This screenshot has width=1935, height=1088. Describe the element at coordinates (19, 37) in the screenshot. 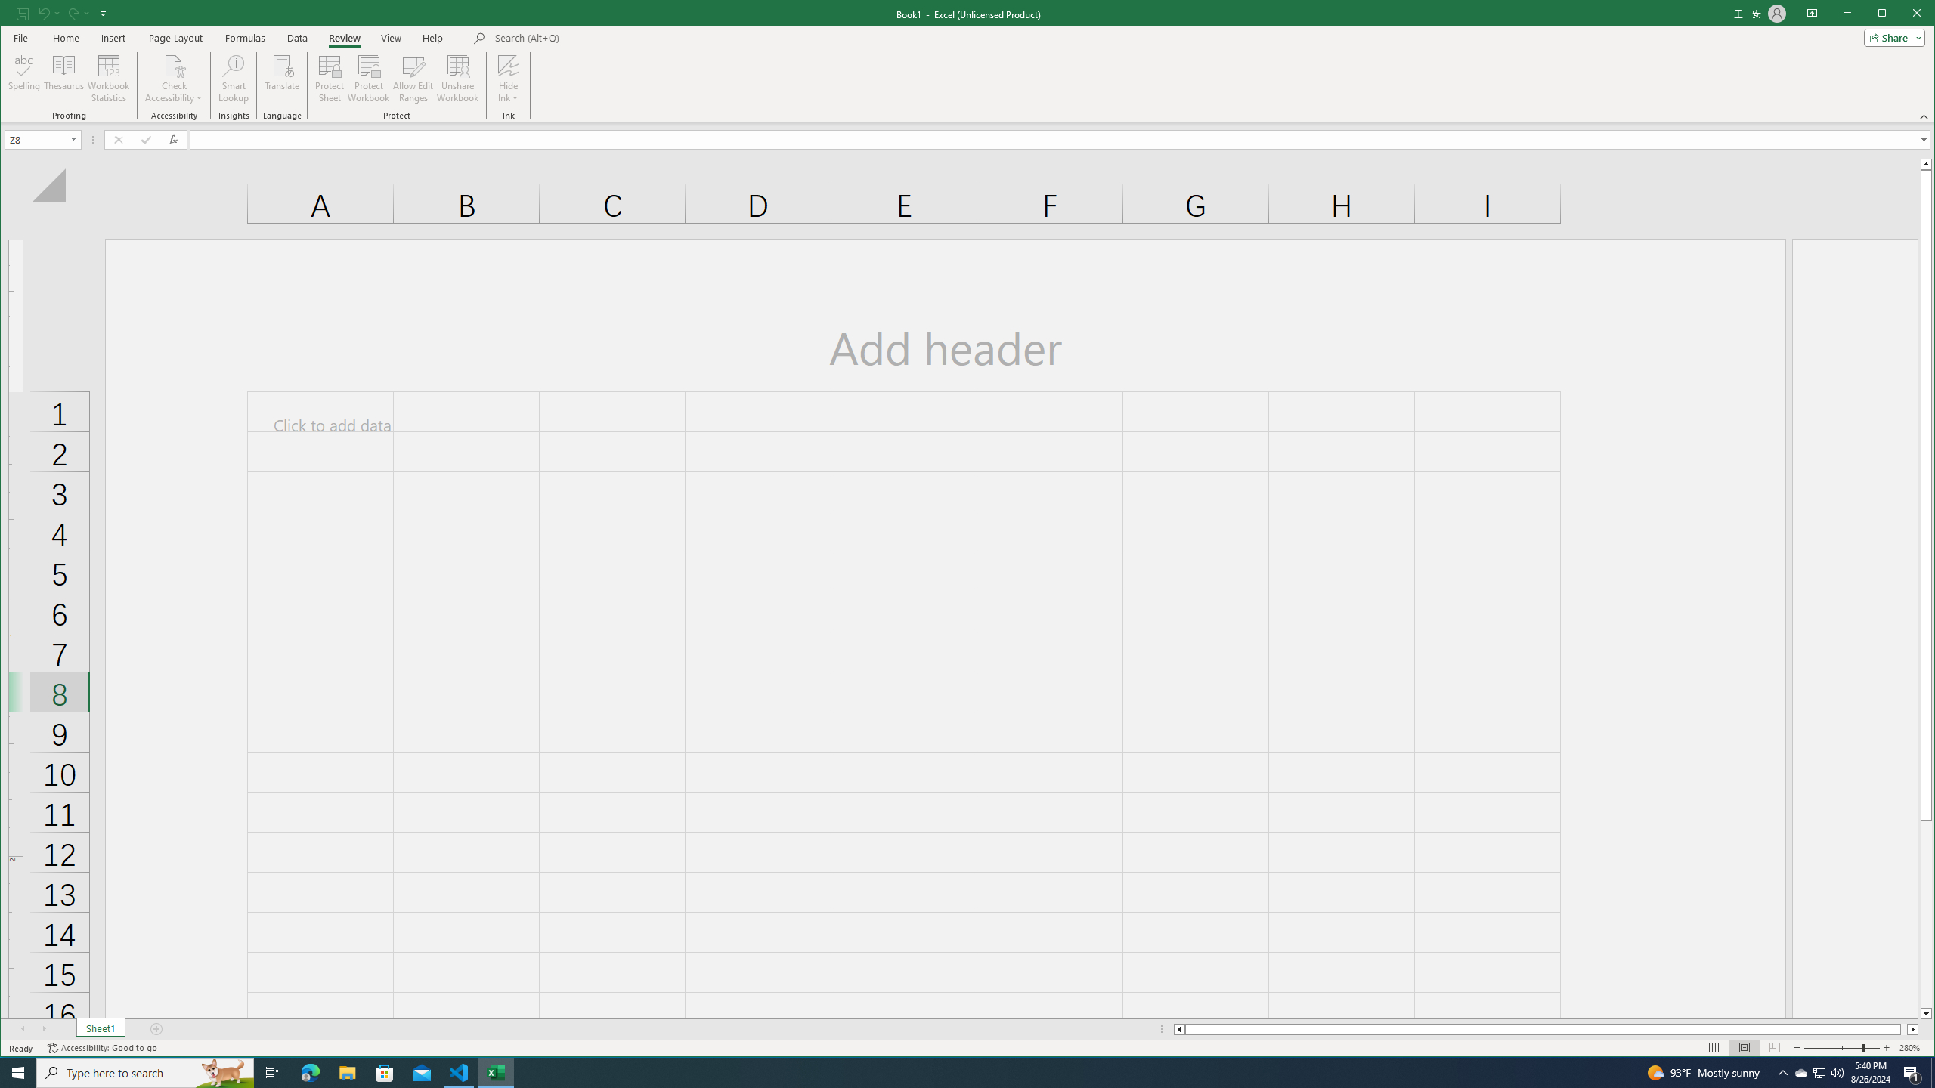

I see `'File Tab'` at that location.